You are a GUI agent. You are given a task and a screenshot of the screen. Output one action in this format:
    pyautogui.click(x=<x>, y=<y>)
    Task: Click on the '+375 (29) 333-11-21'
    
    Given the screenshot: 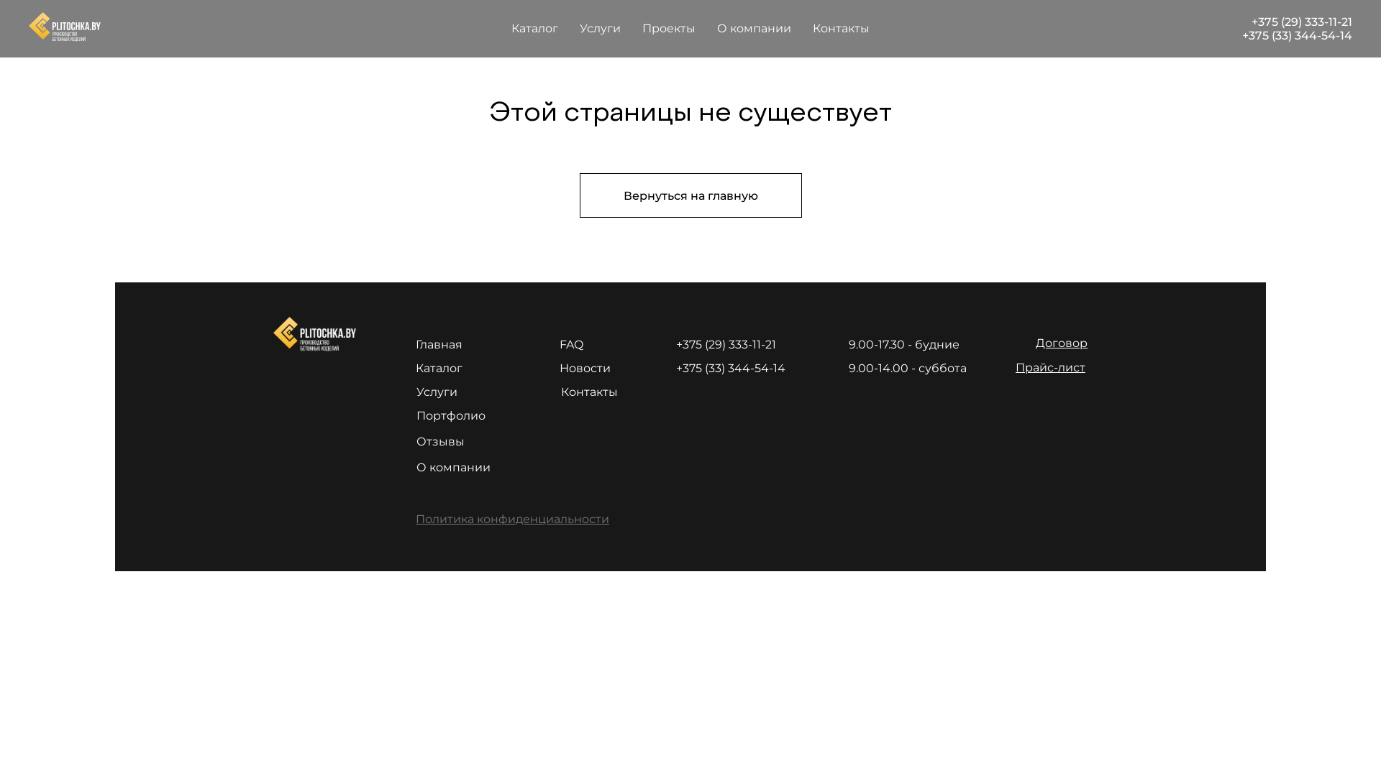 What is the action you would take?
    pyautogui.click(x=1301, y=22)
    